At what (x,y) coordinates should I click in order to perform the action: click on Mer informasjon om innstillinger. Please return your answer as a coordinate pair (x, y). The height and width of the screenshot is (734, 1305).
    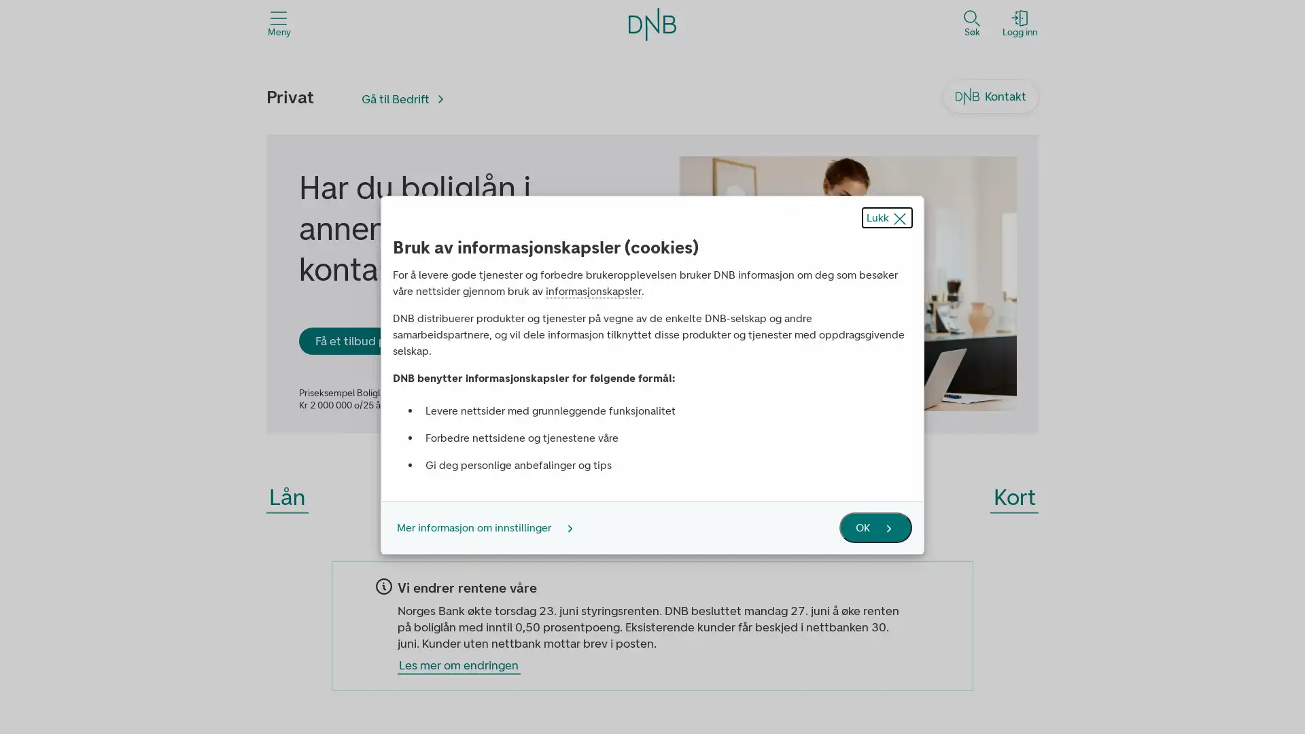
    Looking at the image, I should click on (480, 526).